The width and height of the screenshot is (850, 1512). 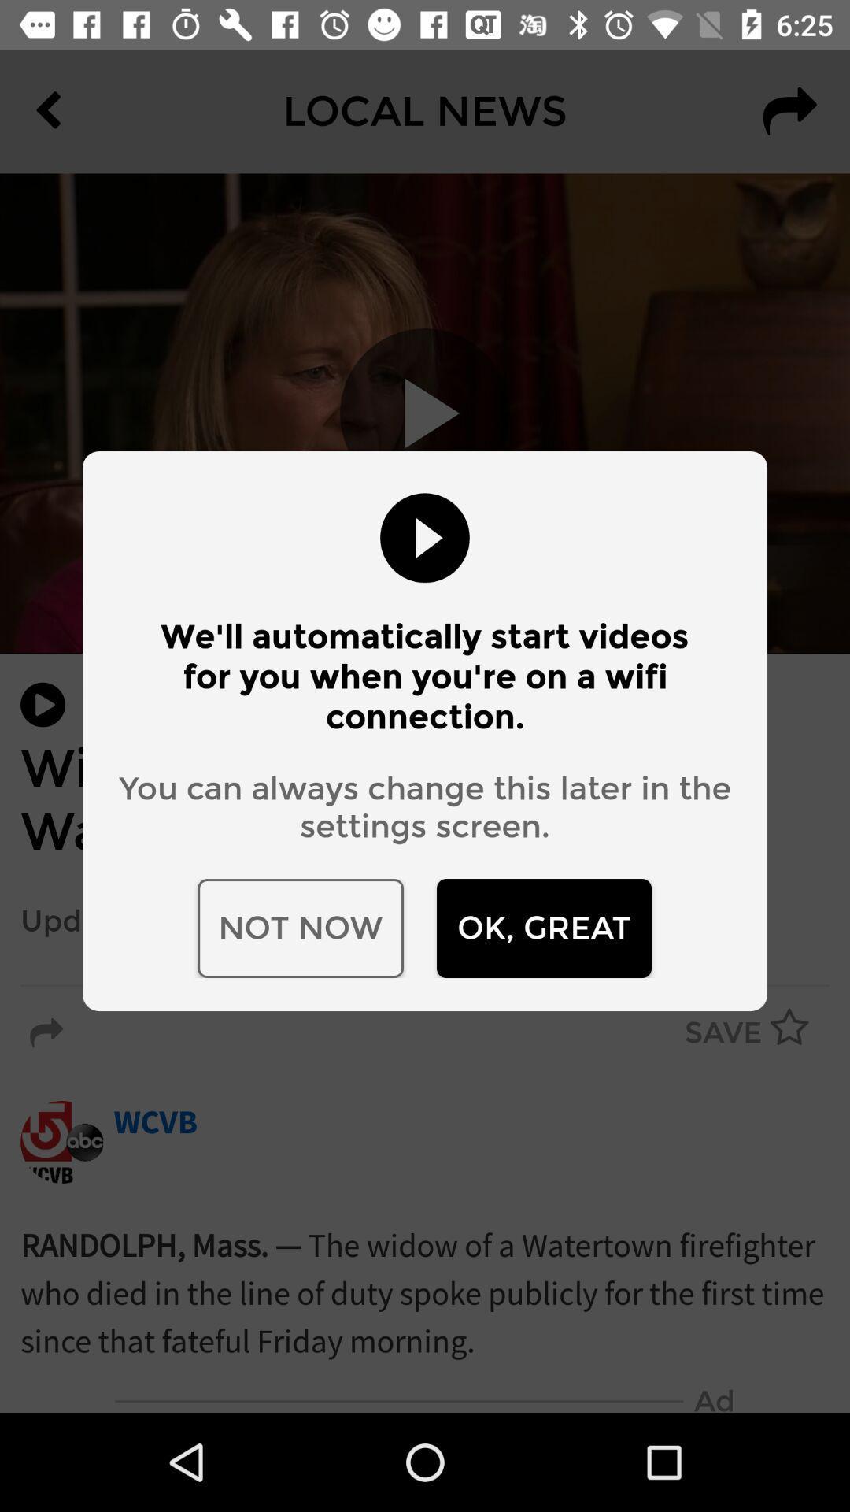 What do you see at coordinates (789, 110) in the screenshot?
I see `the redo icon` at bounding box center [789, 110].